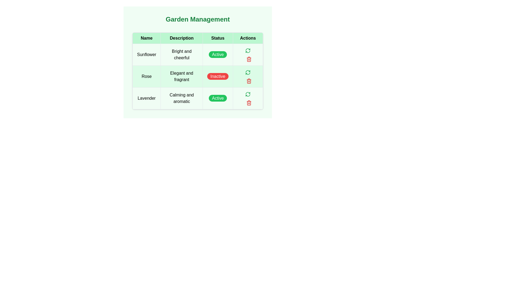 Image resolution: width=518 pixels, height=291 pixels. I want to click on the 'Inactive' status label for the 'Rose' entry in the 'Garden Management' table, located in the second row of the status column, so click(218, 76).